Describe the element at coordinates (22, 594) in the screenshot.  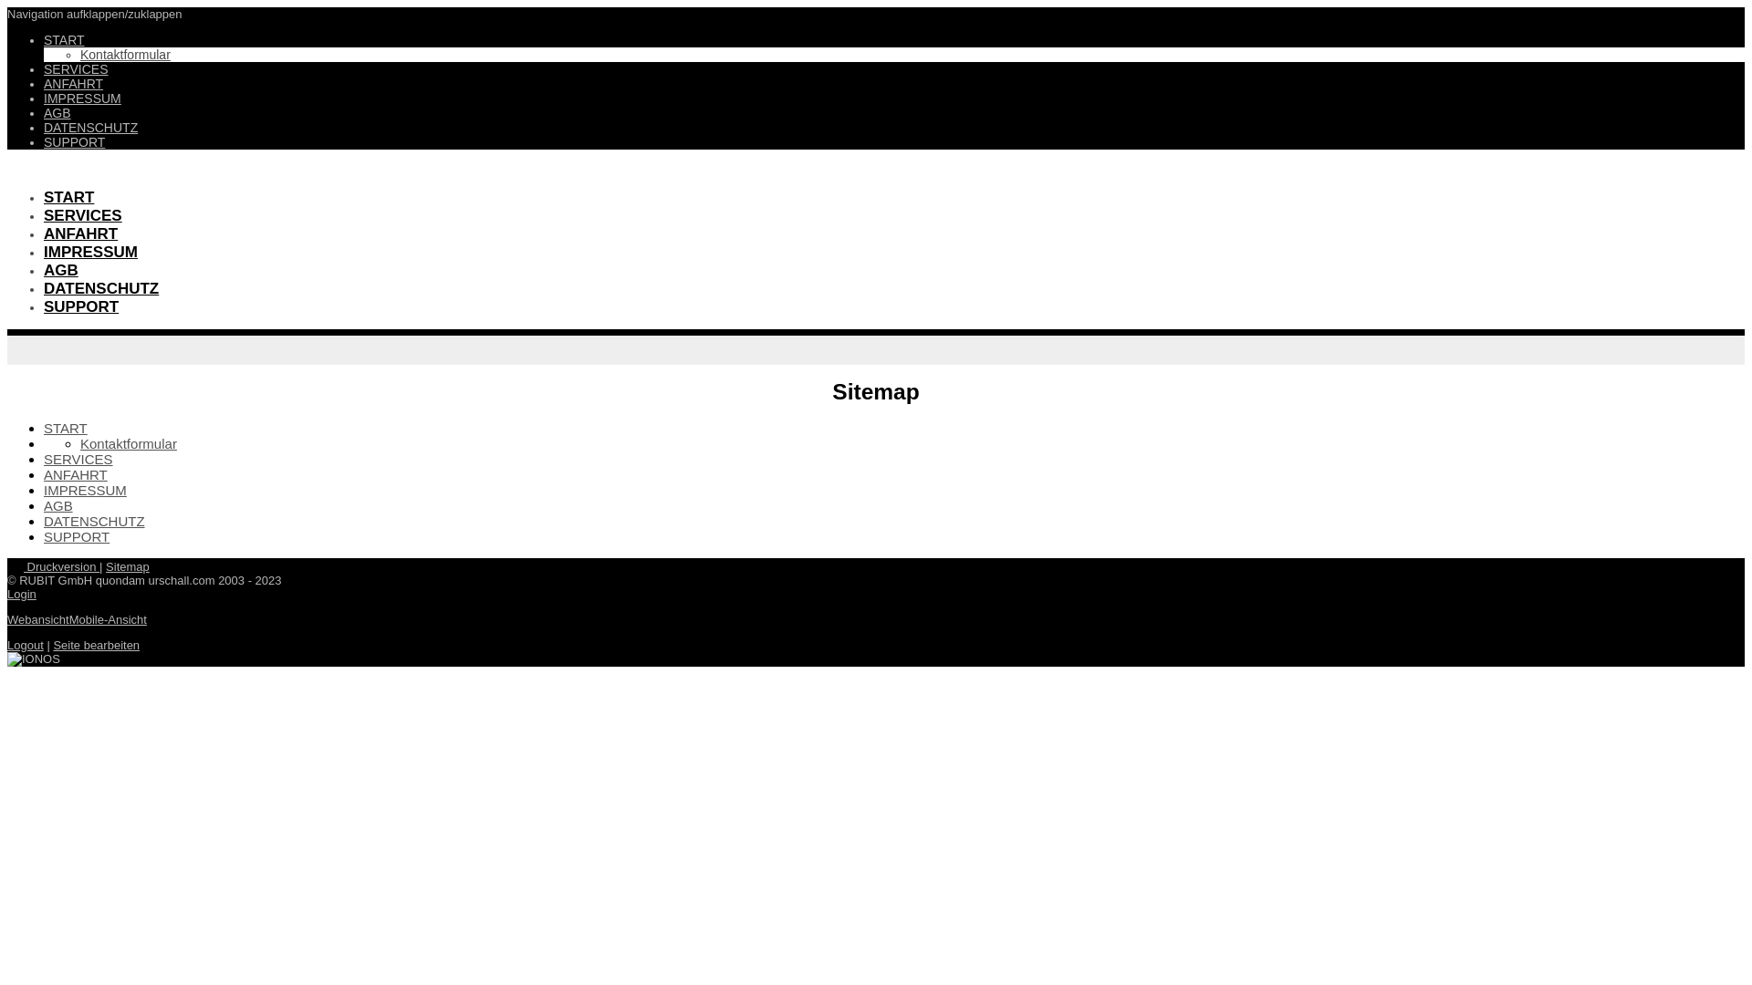
I see `'Login'` at that location.